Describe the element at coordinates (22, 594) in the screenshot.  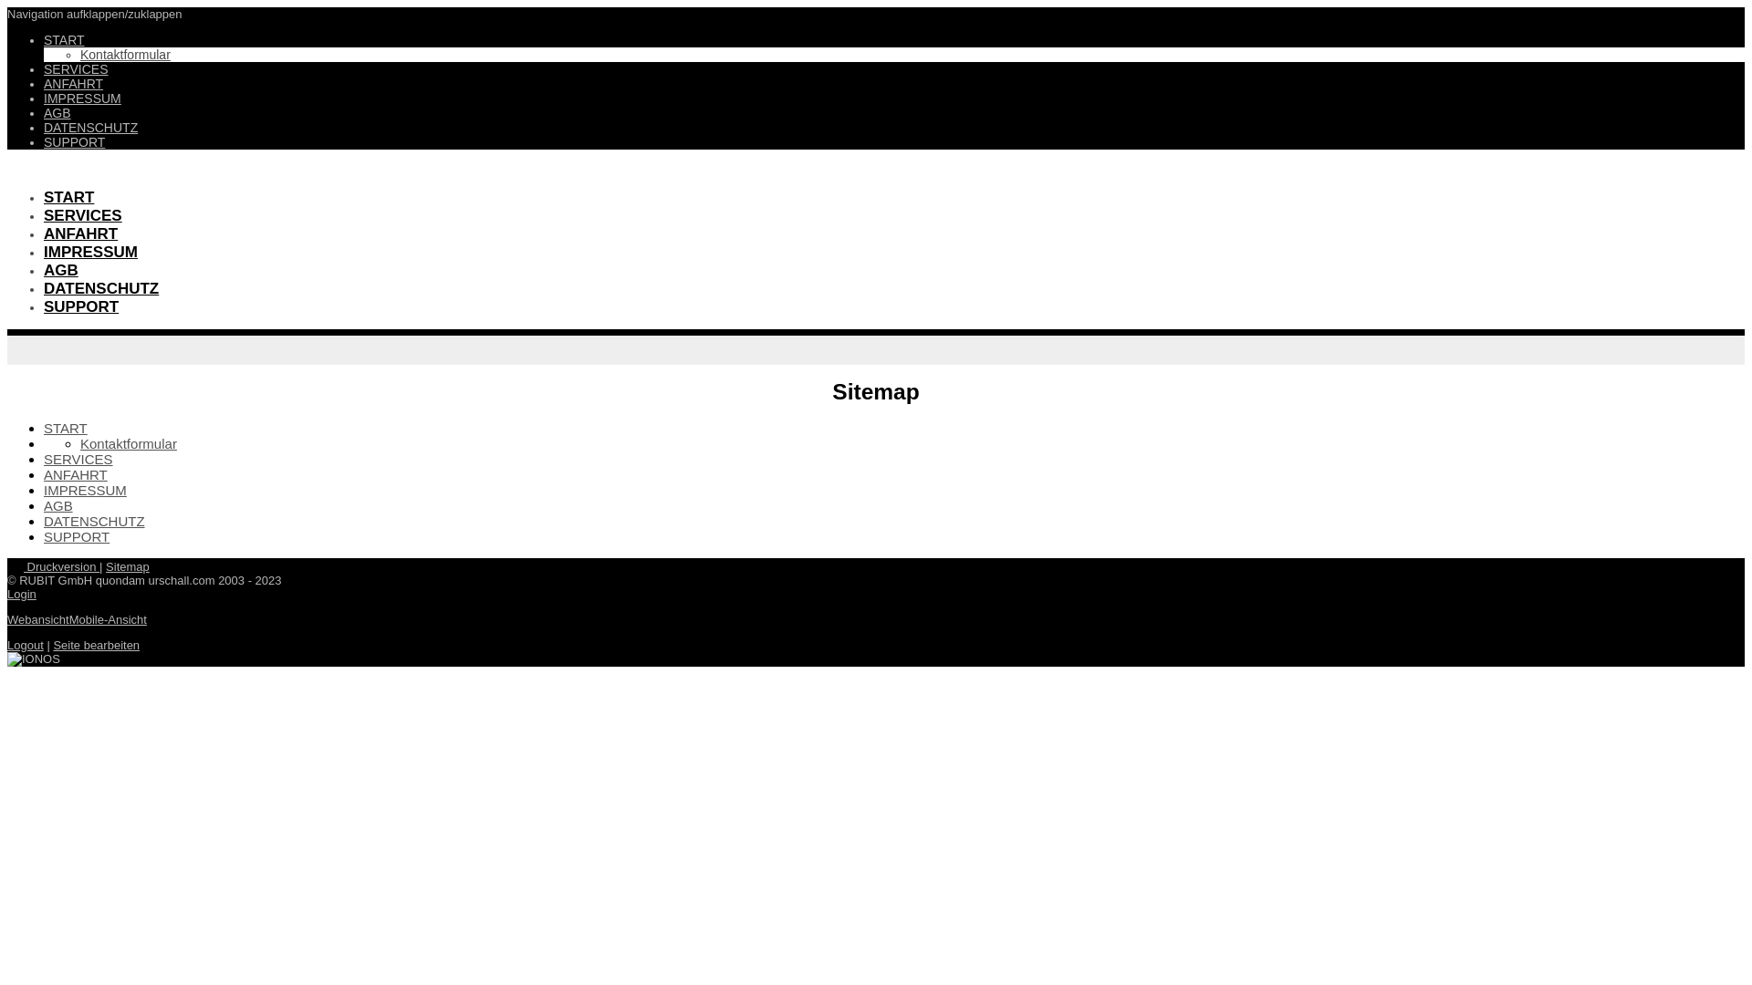
I see `'Login'` at that location.